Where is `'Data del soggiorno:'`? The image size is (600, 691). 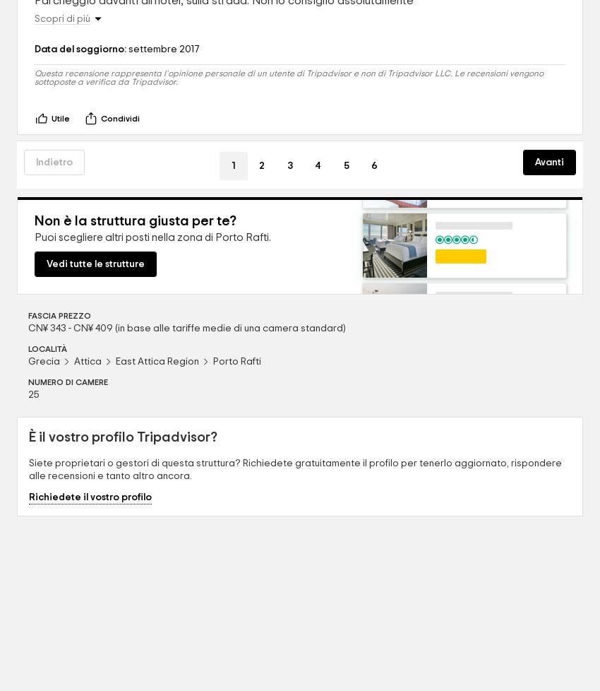
'Data del soggiorno:' is located at coordinates (34, 49).